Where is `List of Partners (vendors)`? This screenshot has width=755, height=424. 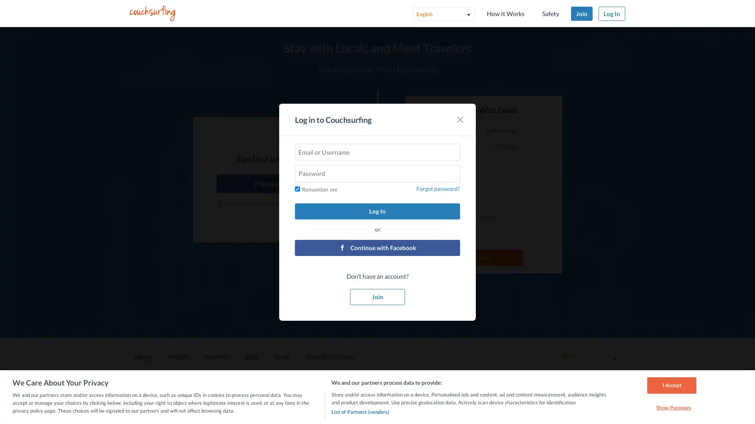 List of Partners (vendors) is located at coordinates (468, 411).